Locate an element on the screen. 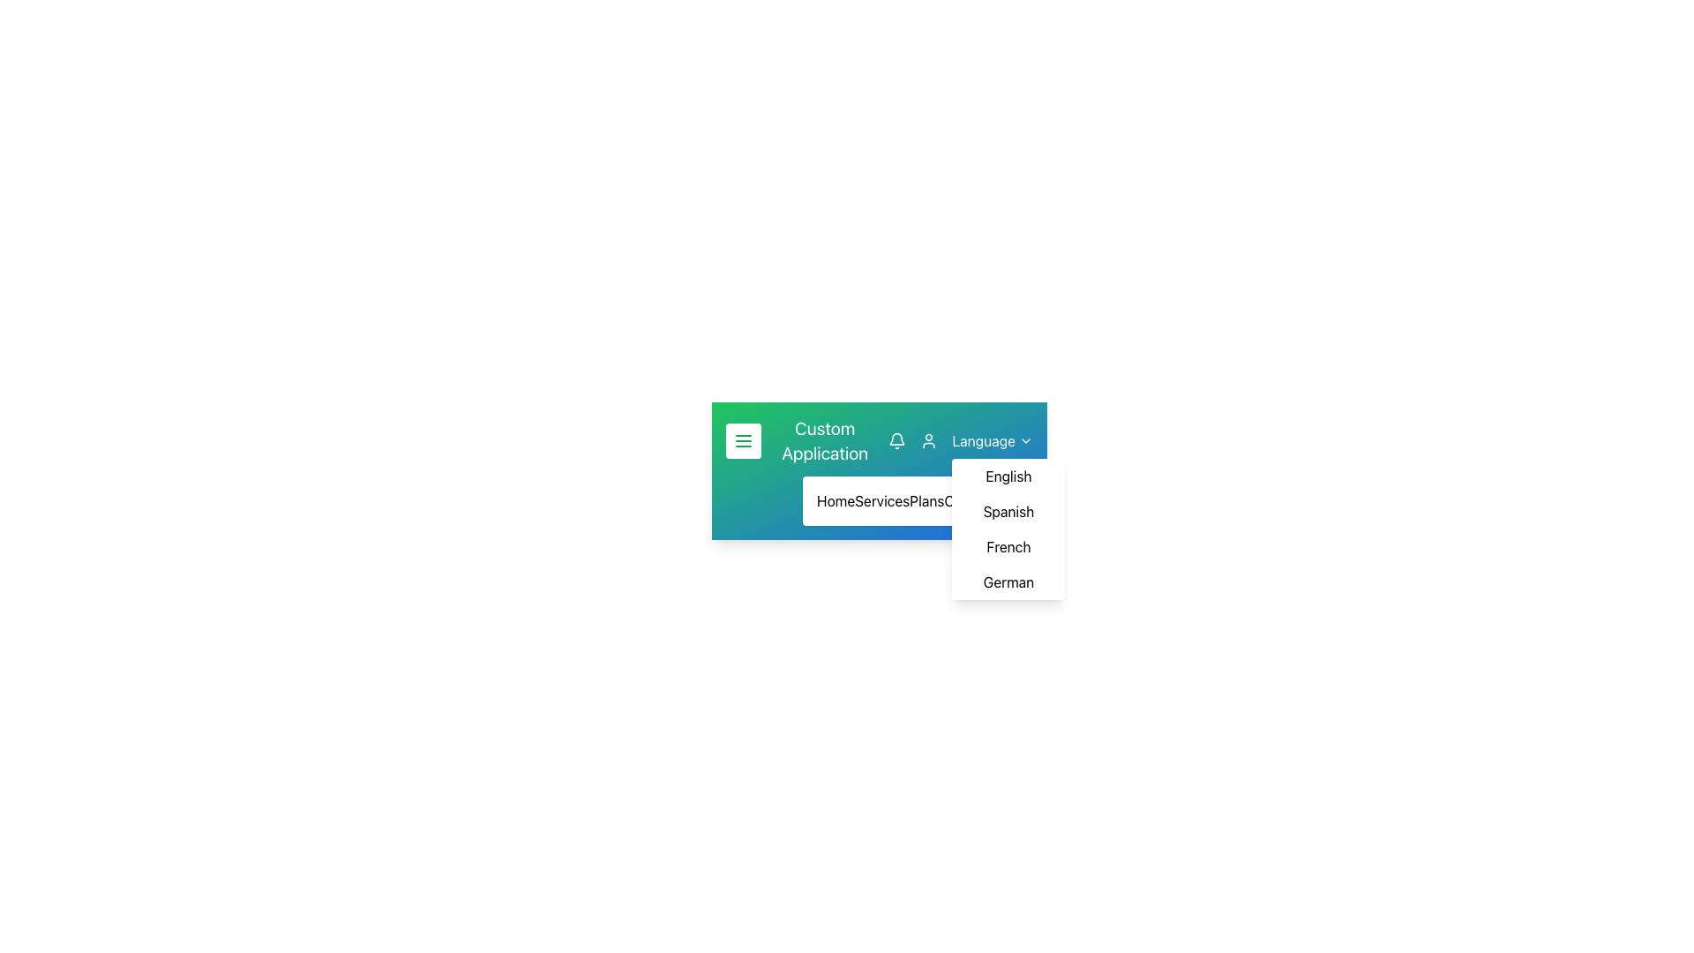 This screenshot has width=1694, height=953. the notification icon located between the user icon and the 'Language' dropdown in the top-right corner of the navigation bar is located at coordinates (897, 438).